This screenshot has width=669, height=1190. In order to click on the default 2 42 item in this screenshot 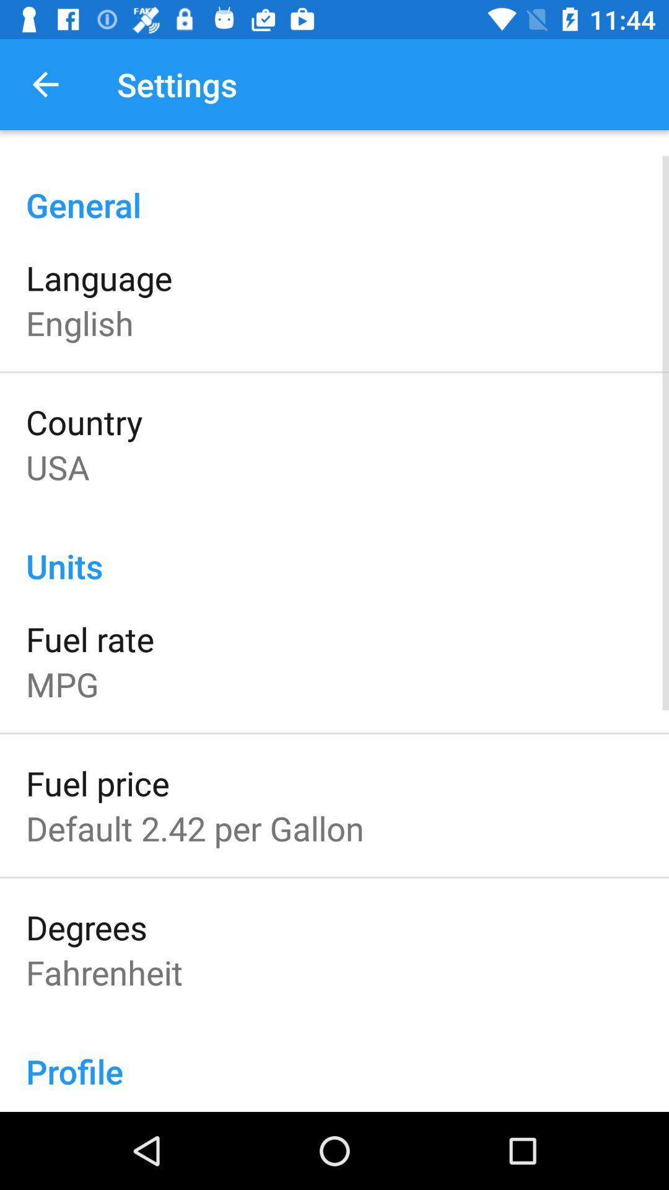, I will do `click(195, 828)`.